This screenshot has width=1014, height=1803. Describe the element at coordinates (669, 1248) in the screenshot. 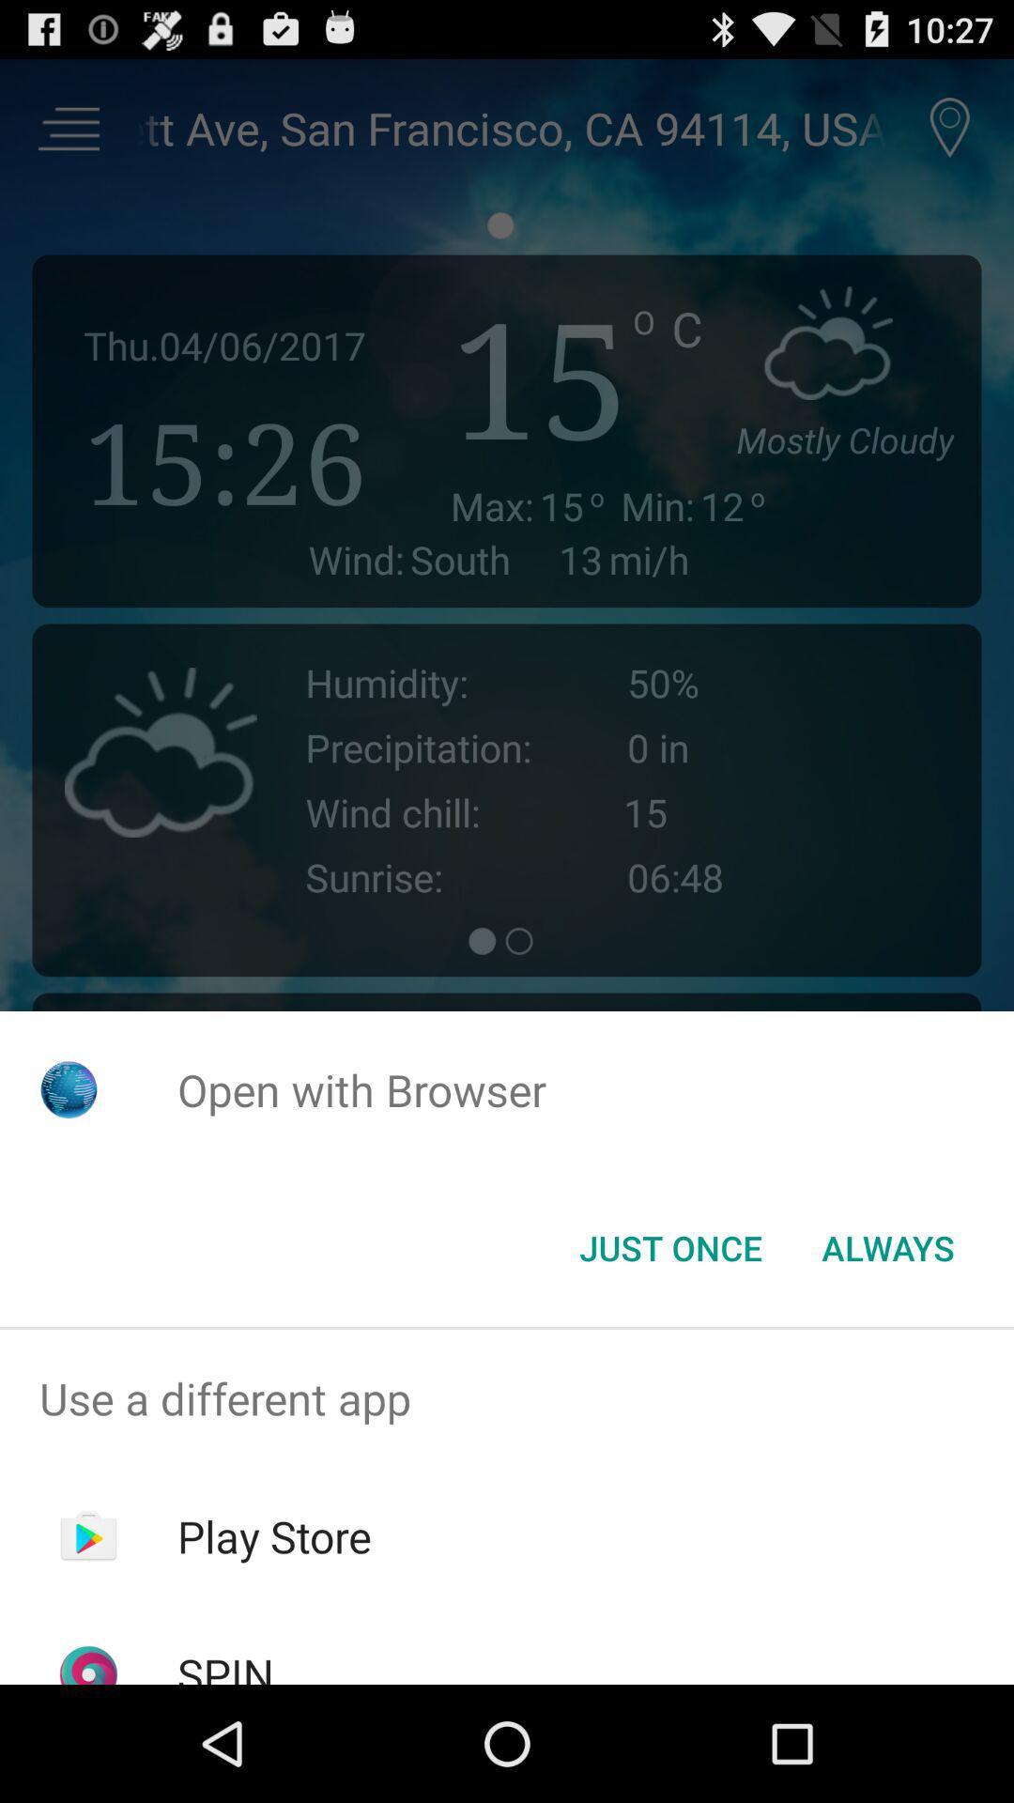

I see `the just once` at that location.